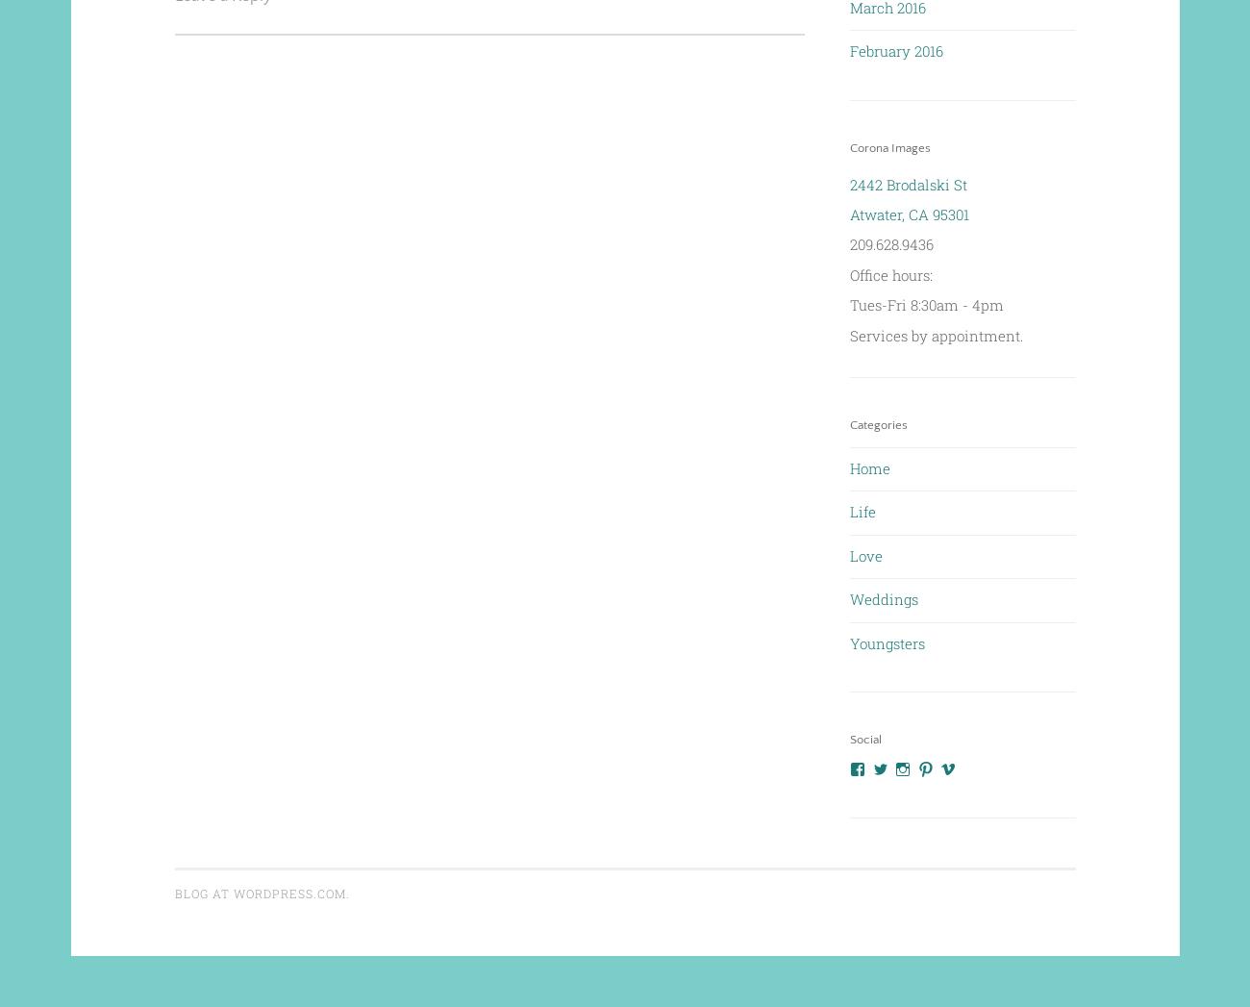 This screenshot has height=1007, width=1250. I want to click on '209.628.9436', so click(891, 244).